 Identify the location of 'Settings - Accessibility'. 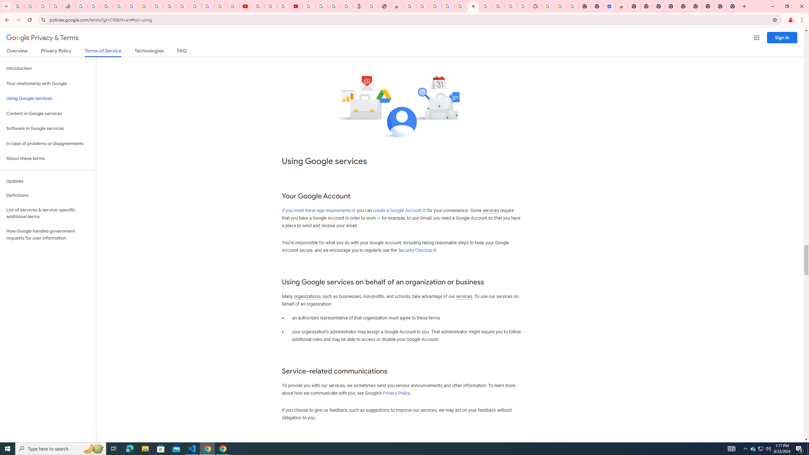
(609, 6).